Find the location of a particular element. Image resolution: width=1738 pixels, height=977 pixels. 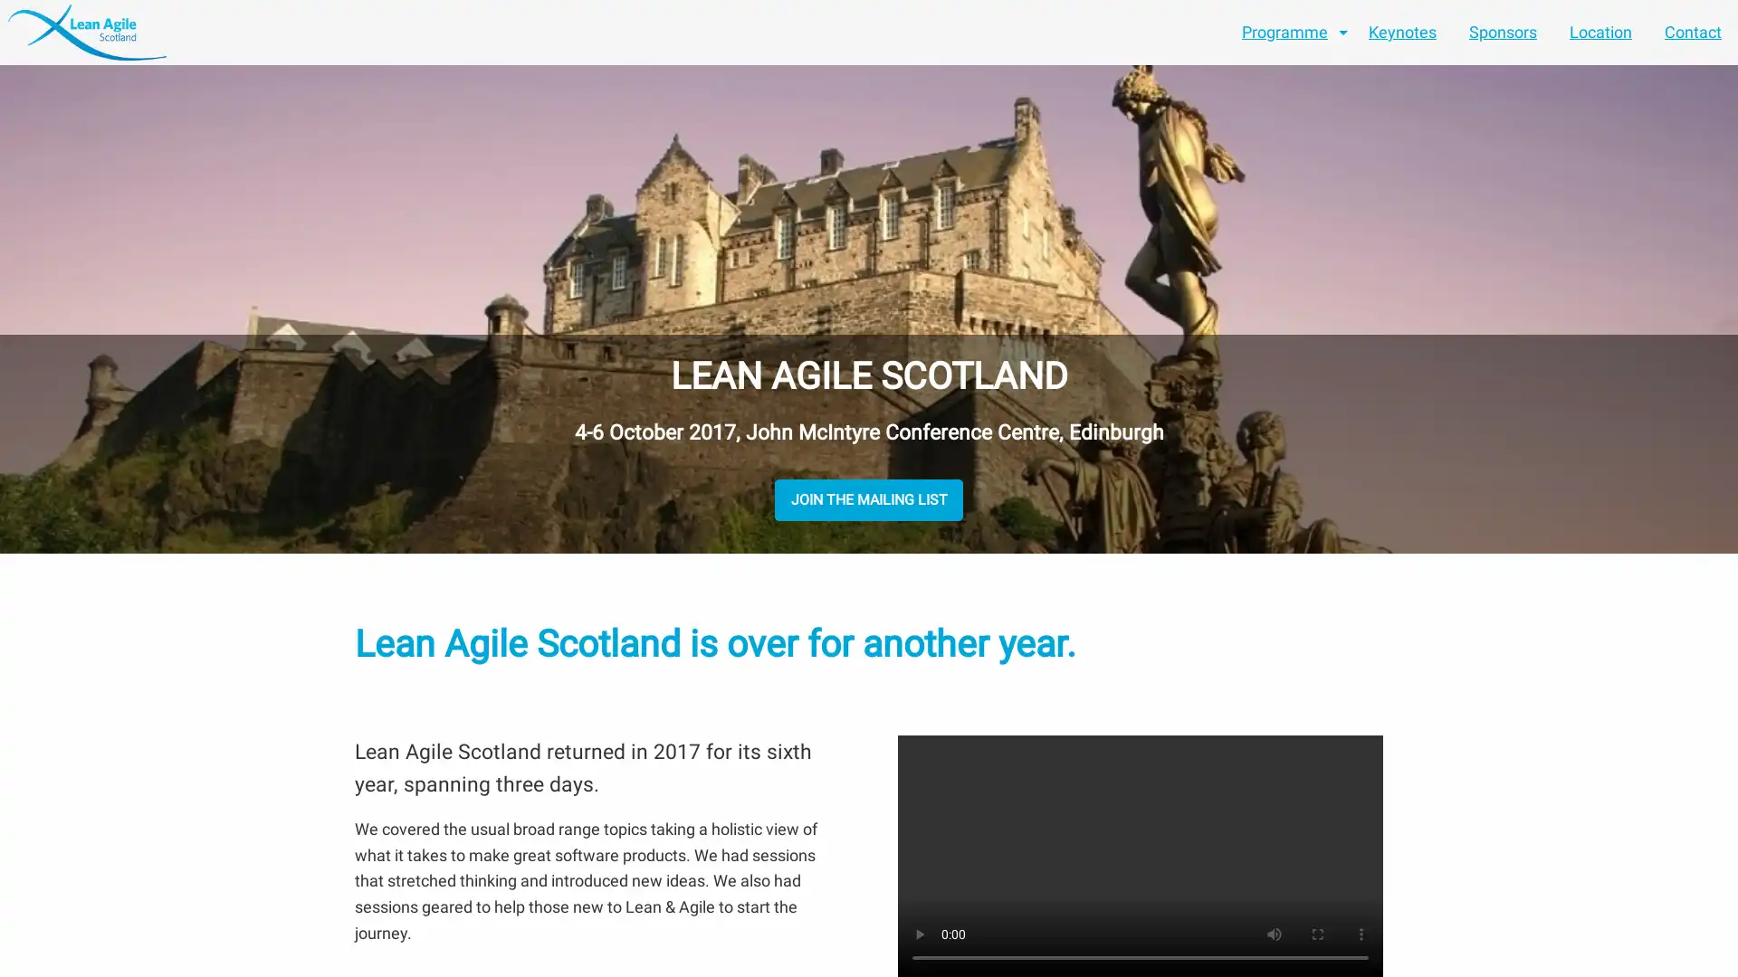

enter full screen is located at coordinates (1317, 934).